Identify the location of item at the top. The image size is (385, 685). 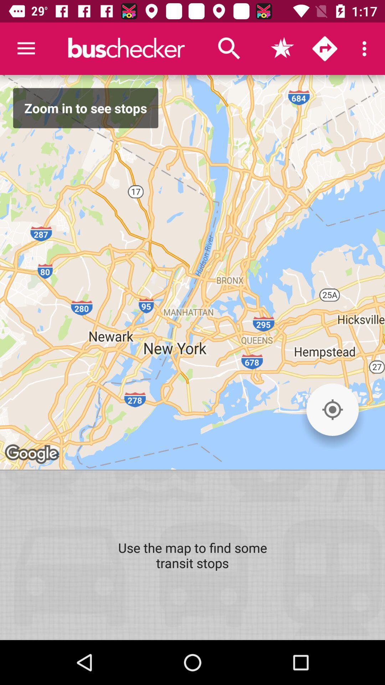
(229, 48).